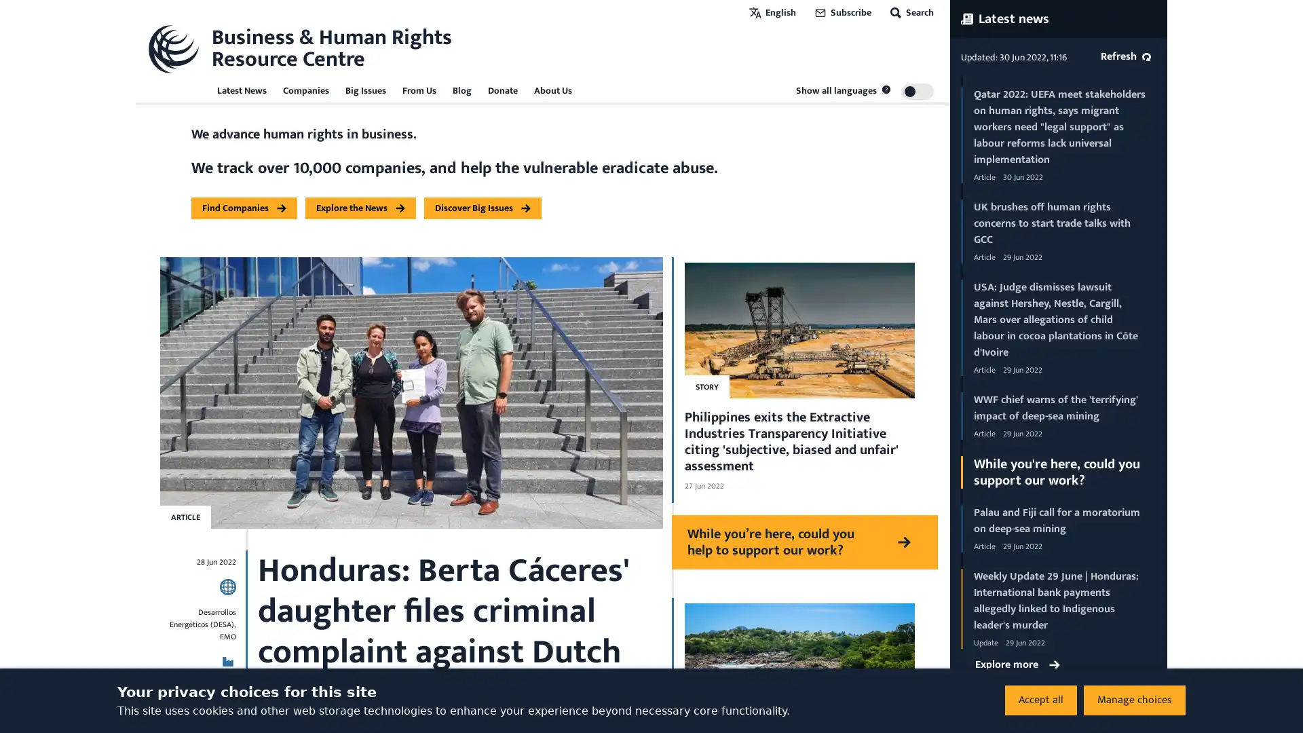  Describe the element at coordinates (1126, 56) in the screenshot. I see `Refresh` at that location.